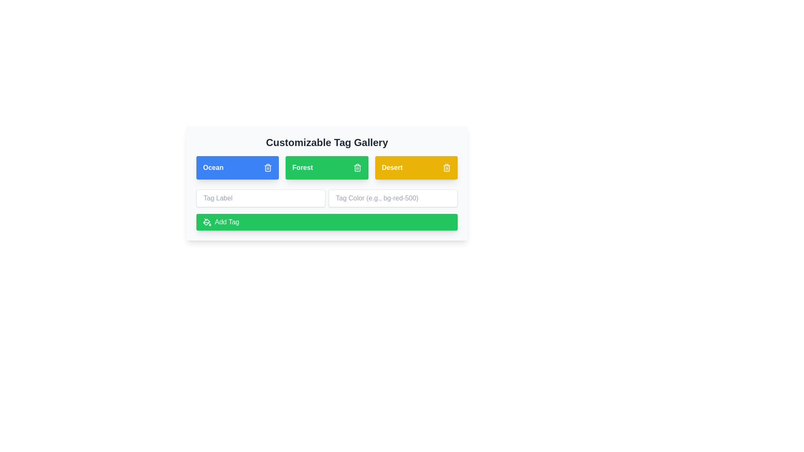  What do you see at coordinates (213, 168) in the screenshot?
I see `the text of the chip labeled Ocean` at bounding box center [213, 168].